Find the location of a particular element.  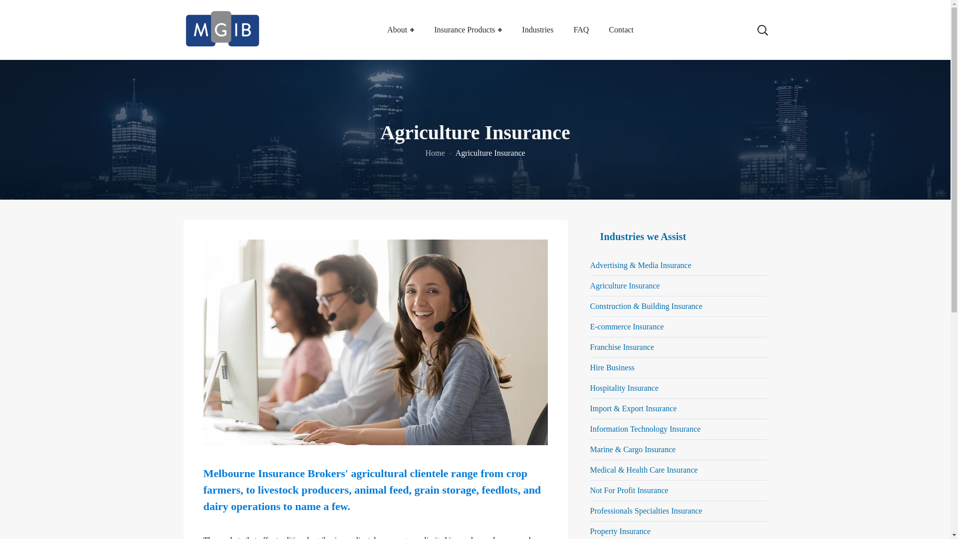

'Industries' is located at coordinates (537, 29).